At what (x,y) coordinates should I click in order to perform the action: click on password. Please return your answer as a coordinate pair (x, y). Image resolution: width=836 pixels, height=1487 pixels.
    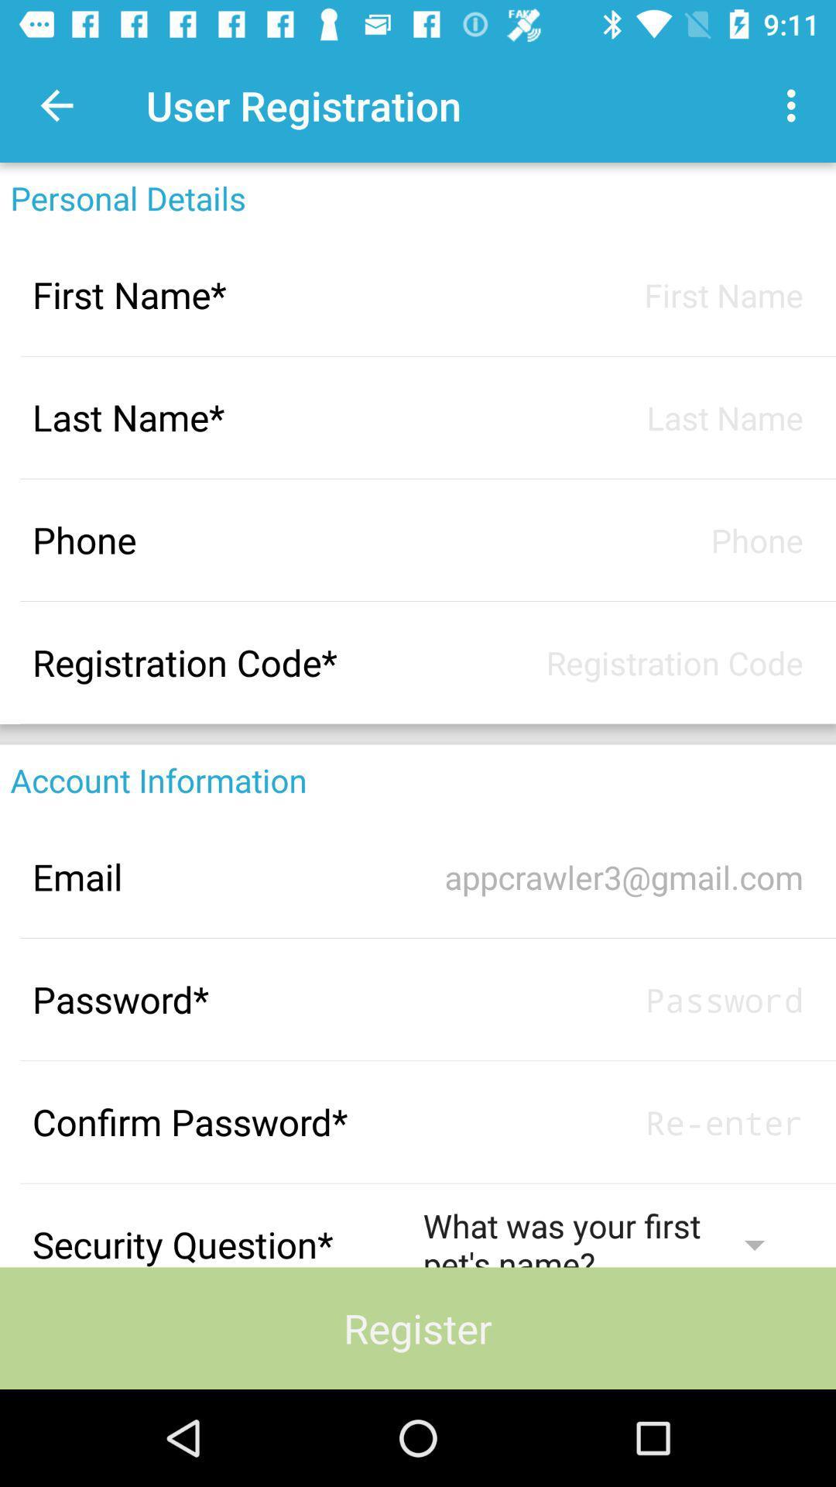
    Looking at the image, I should click on (612, 1122).